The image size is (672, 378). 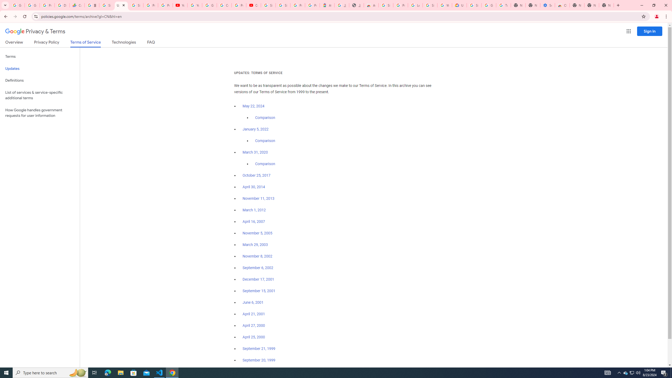 What do you see at coordinates (254, 210) in the screenshot?
I see `'March 1, 2012'` at bounding box center [254, 210].